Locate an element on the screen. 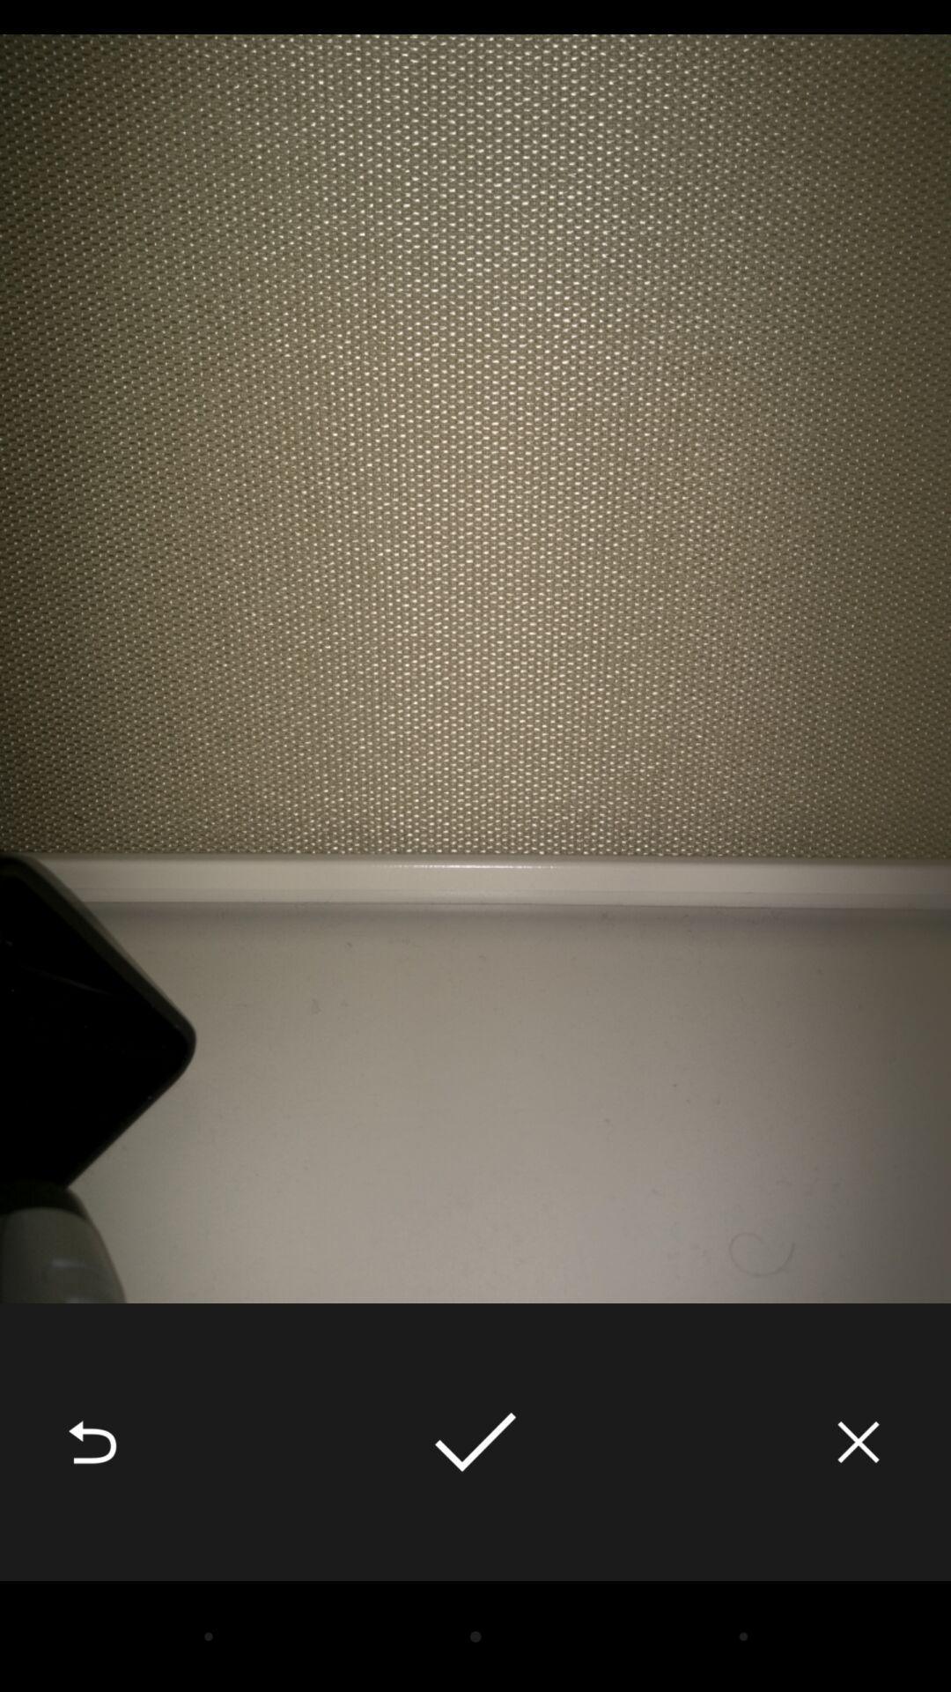 This screenshot has height=1692, width=951. icon at the bottom left corner is located at coordinates (92, 1442).